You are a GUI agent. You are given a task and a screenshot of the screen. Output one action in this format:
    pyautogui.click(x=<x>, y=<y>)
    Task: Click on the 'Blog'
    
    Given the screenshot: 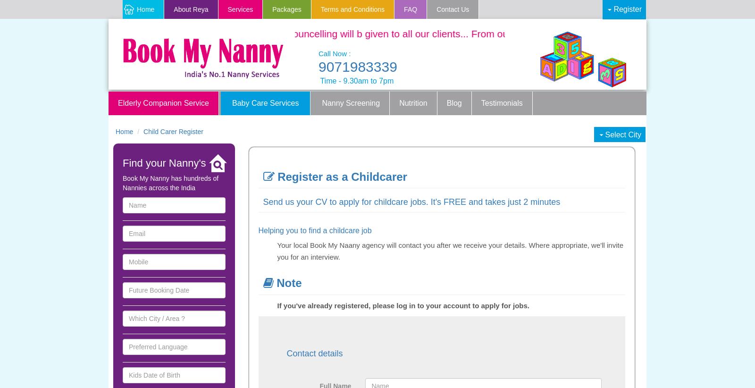 What is the action you would take?
    pyautogui.click(x=453, y=102)
    